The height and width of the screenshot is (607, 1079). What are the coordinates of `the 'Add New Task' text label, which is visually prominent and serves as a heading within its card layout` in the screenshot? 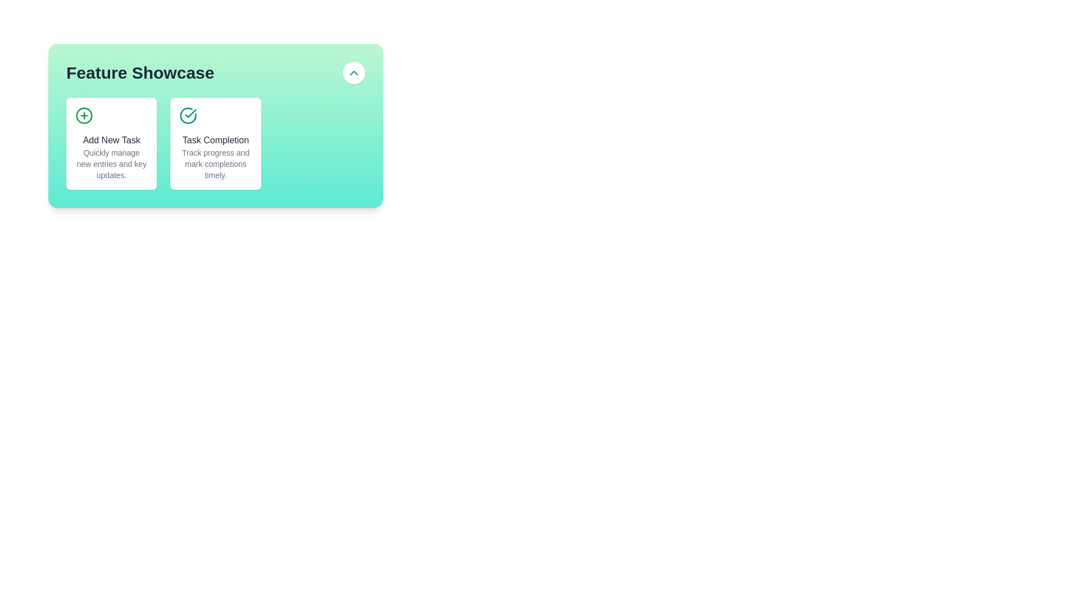 It's located at (111, 140).